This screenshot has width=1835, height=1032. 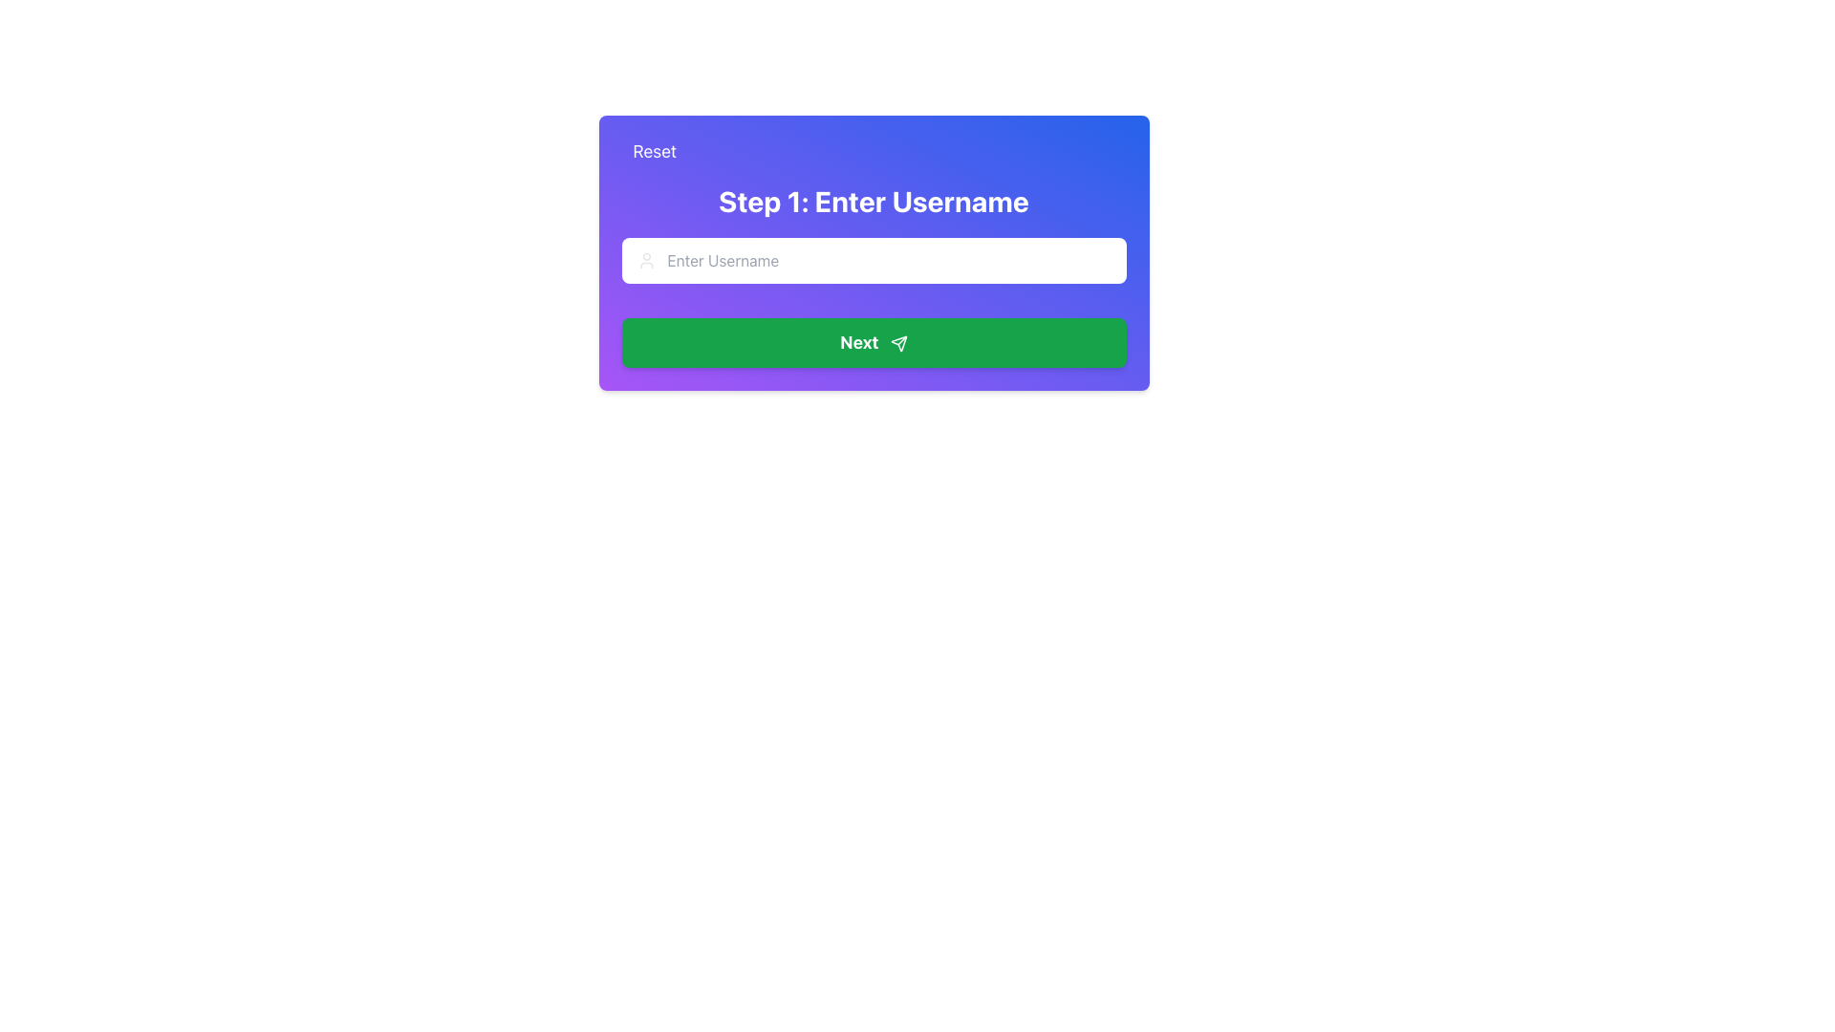 I want to click on the 'Next' button with a green background and rounded corners, located below the text field labeled 'Step 1: Enter Username', so click(x=873, y=341).